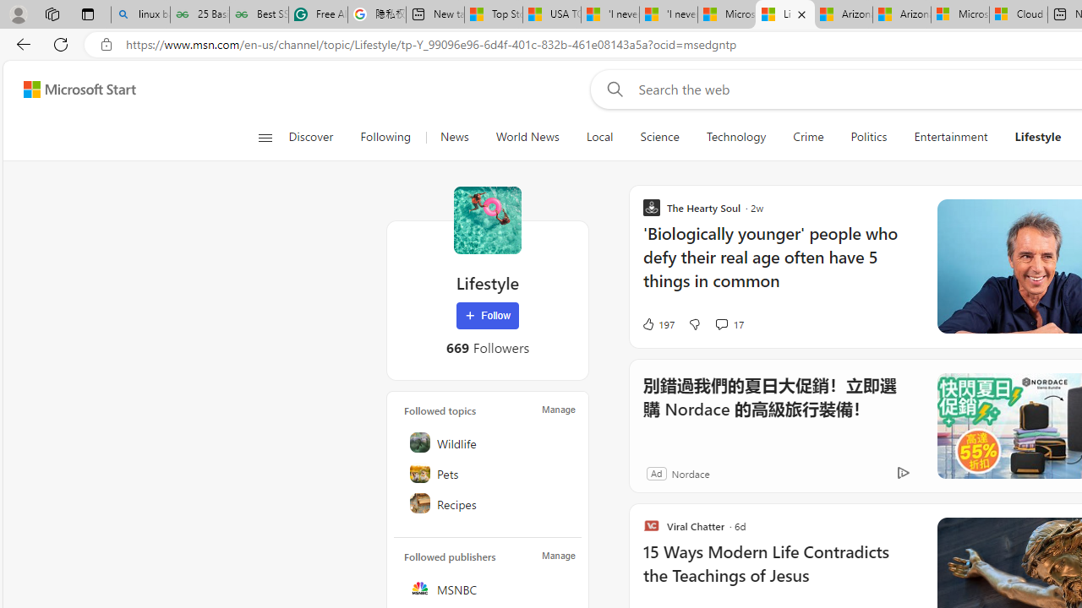  What do you see at coordinates (1018, 14) in the screenshot?
I see `'Cloud Computing Services | Microsoft Azure'` at bounding box center [1018, 14].